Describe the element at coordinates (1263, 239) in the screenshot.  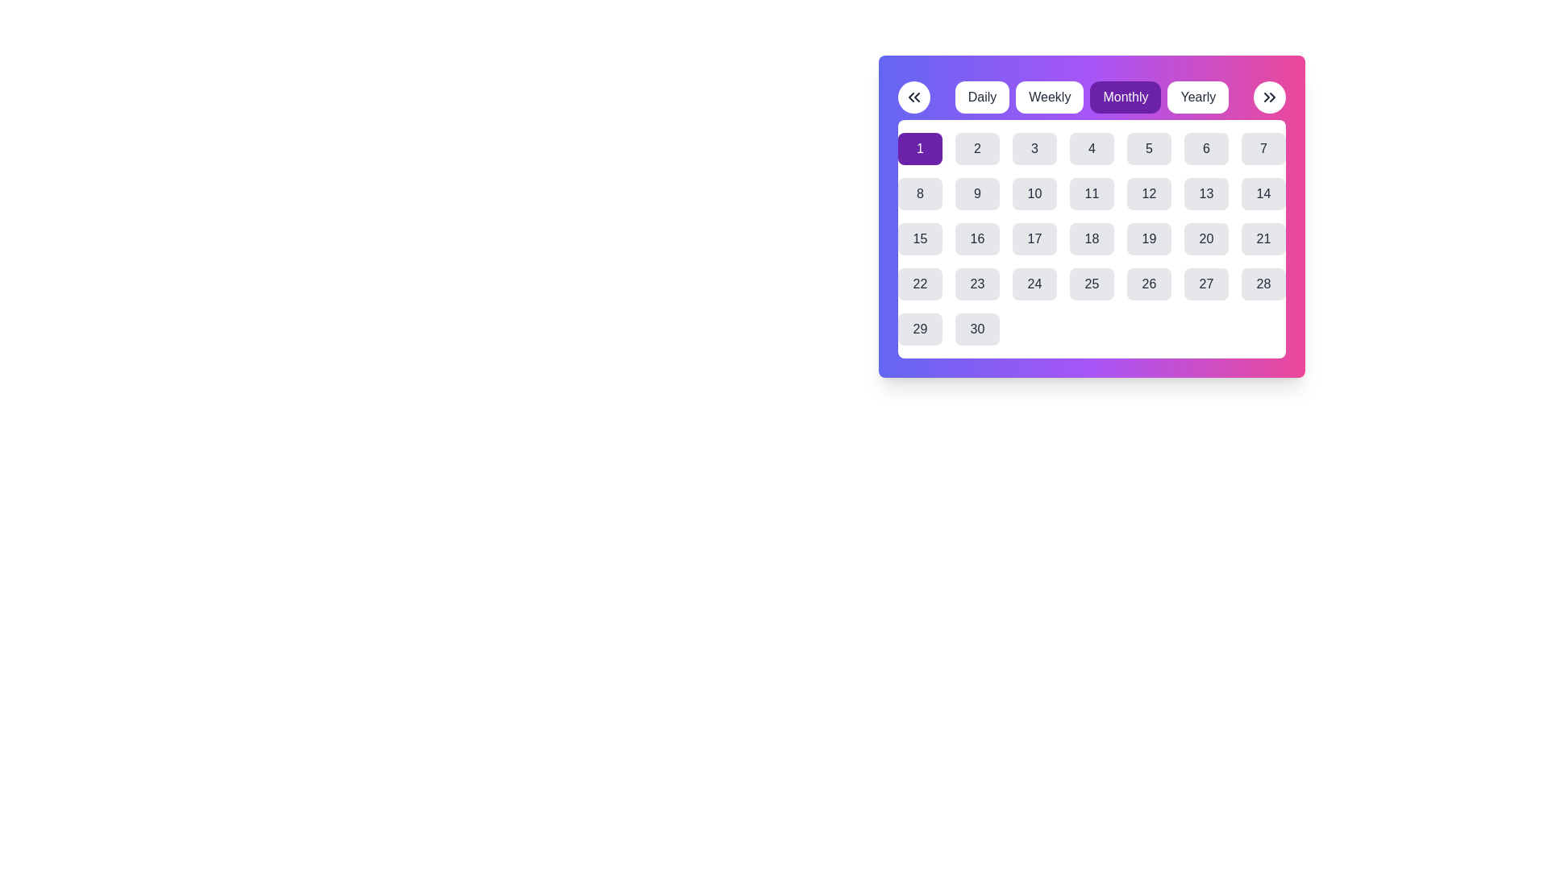
I see `the rounded rectangular button displaying the number '21'` at that location.